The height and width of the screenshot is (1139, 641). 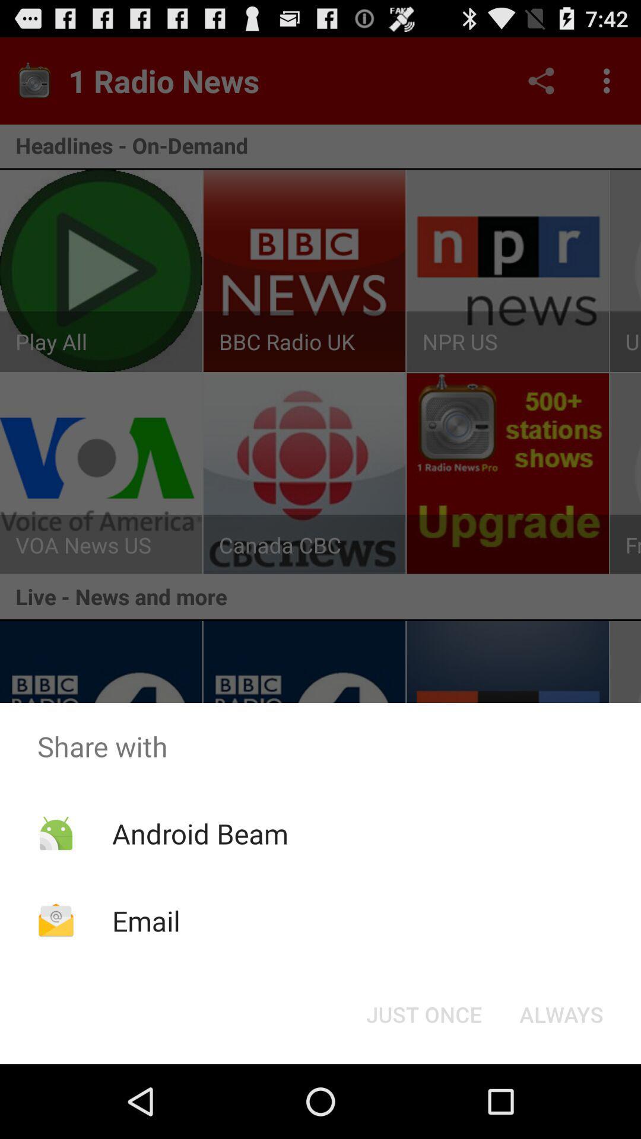 What do you see at coordinates (561, 1013) in the screenshot?
I see `button to the right of just once button` at bounding box center [561, 1013].